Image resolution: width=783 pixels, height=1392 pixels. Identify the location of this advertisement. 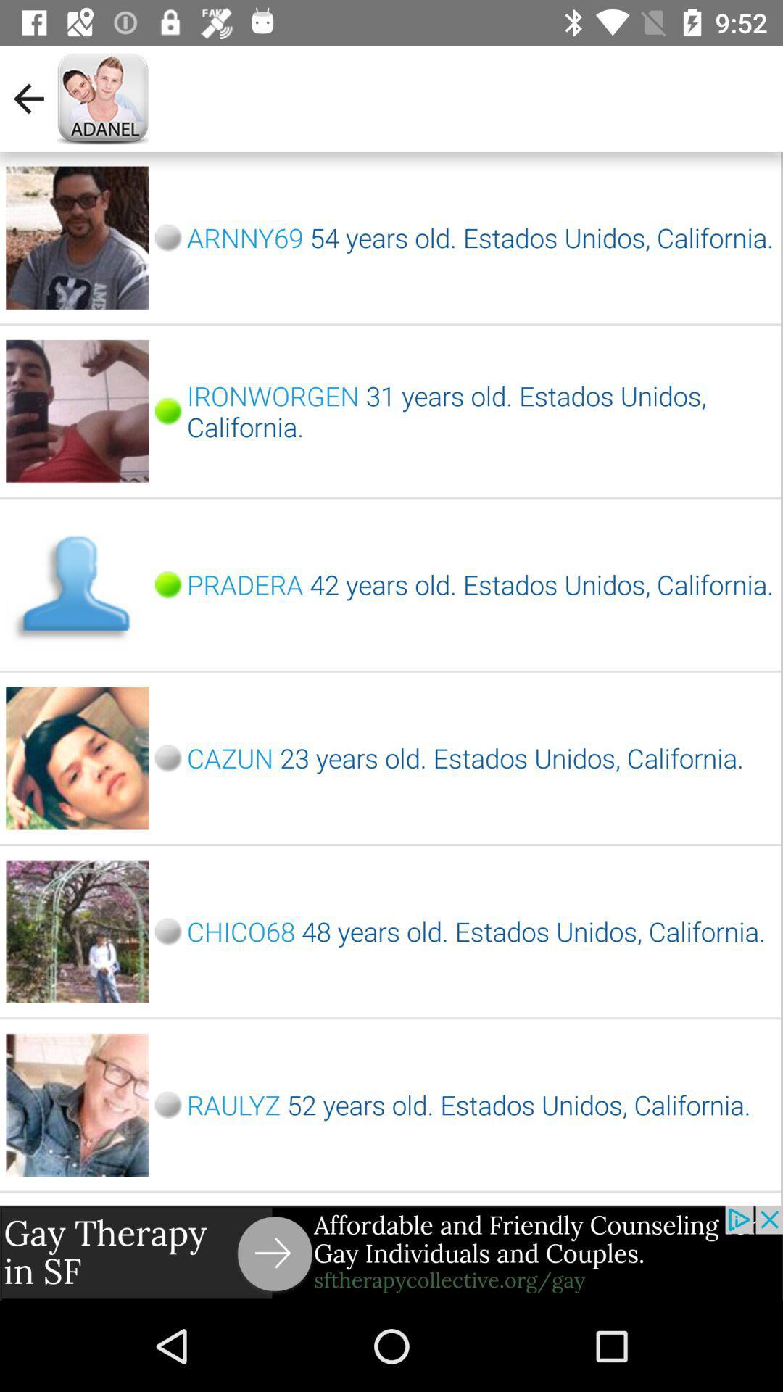
(391, 1252).